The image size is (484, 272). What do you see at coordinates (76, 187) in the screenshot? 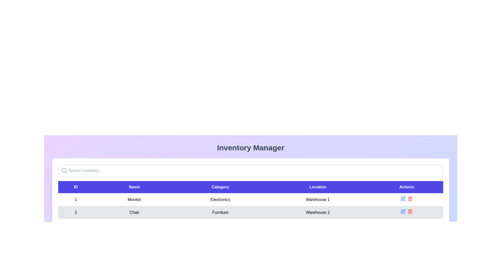
I see `the 'ID' header label in the table, which is the first column header displayed in uppercase white letters against a vivid purple background` at bounding box center [76, 187].